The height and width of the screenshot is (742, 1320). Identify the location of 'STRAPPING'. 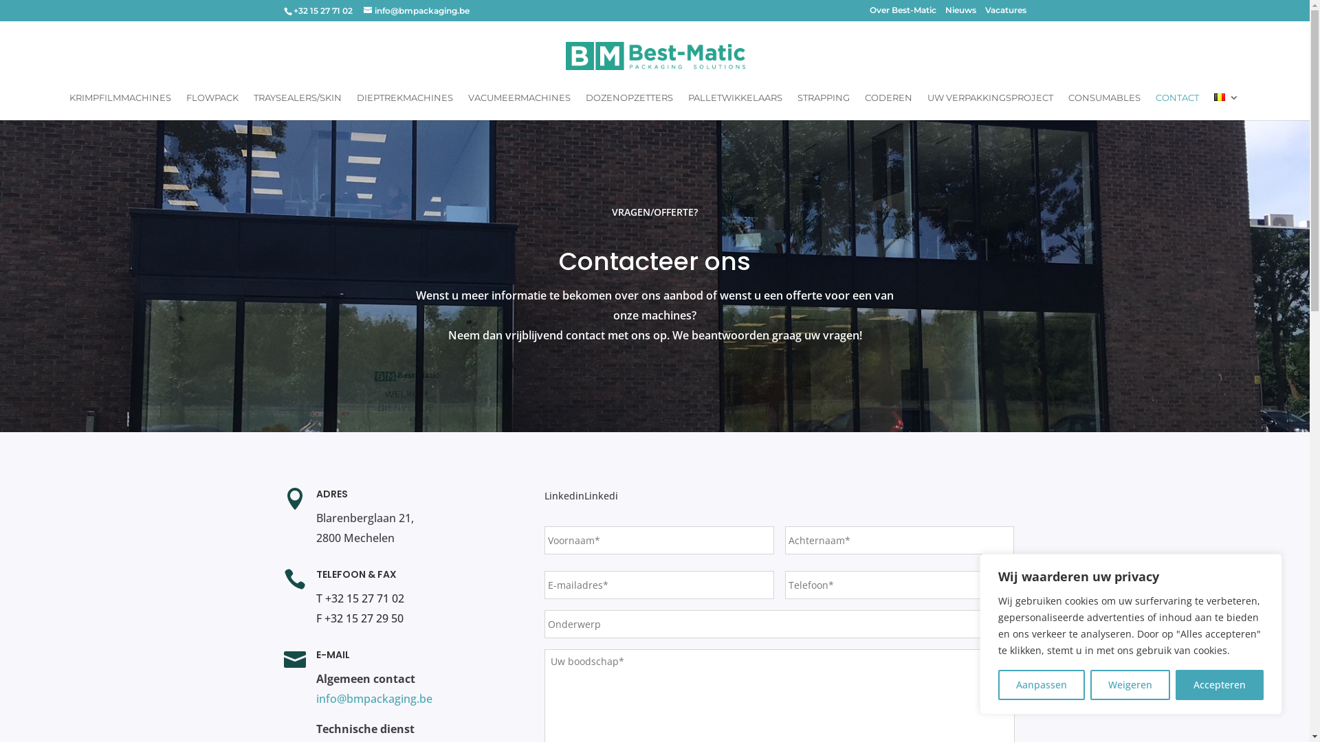
(824, 105).